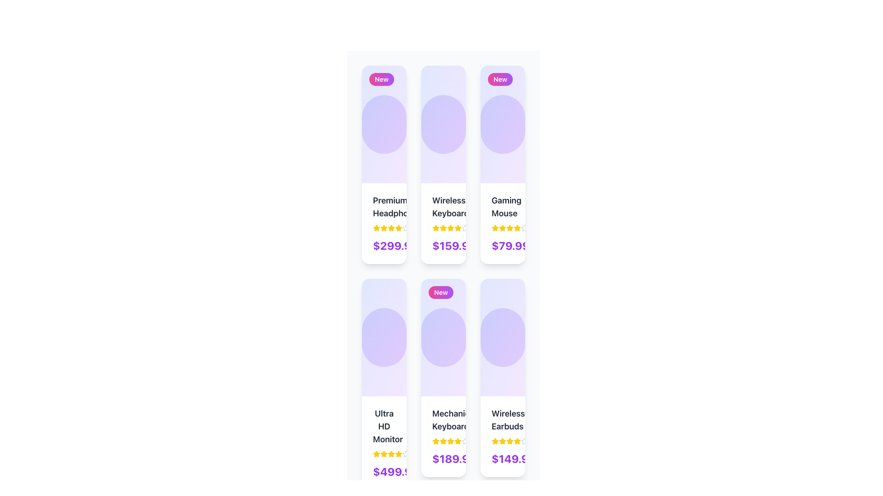 This screenshot has height=496, width=883. I want to click on the static text label displaying the product name located in the first product card at the top left corner of the grid, above the ratings and the price listing of '$299.99', so click(384, 207).